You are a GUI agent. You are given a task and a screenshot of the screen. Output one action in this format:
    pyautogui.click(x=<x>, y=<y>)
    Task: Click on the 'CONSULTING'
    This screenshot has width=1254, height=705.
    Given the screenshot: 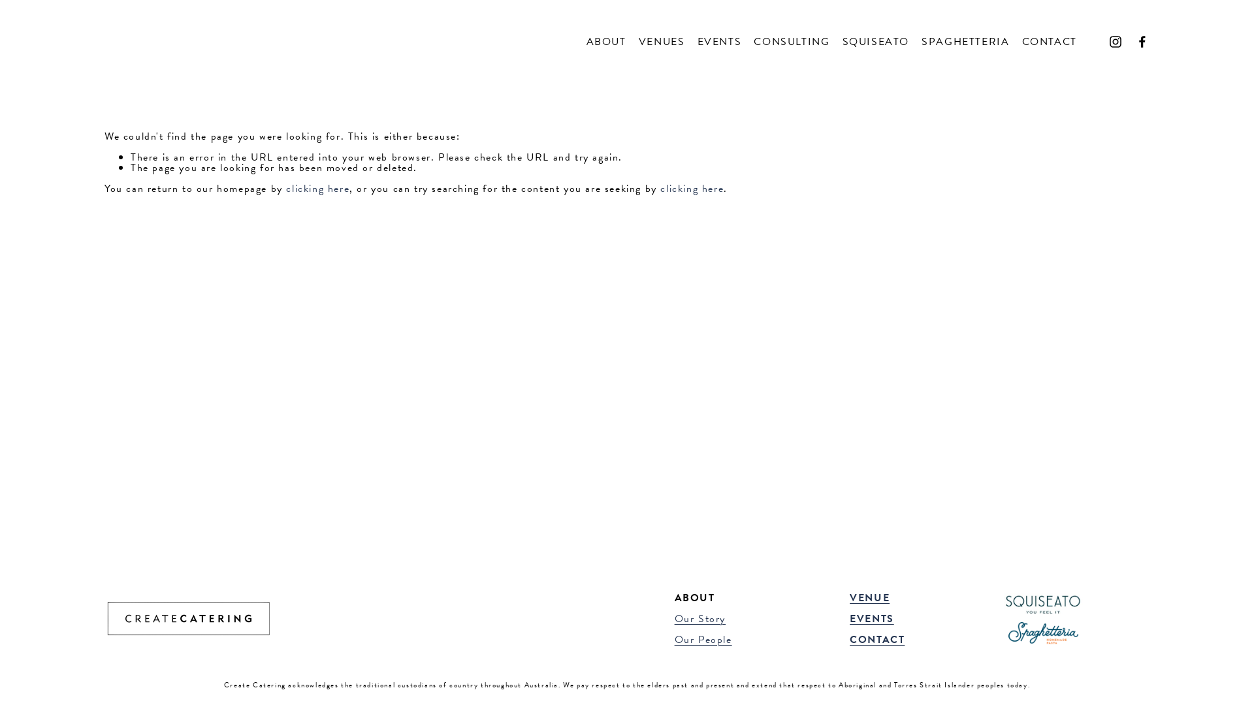 What is the action you would take?
    pyautogui.click(x=791, y=40)
    